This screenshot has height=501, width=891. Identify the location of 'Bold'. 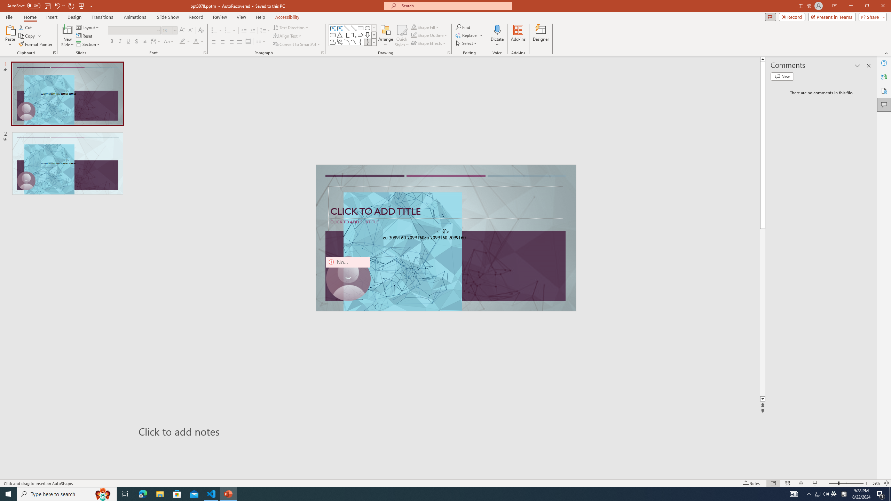
(112, 41).